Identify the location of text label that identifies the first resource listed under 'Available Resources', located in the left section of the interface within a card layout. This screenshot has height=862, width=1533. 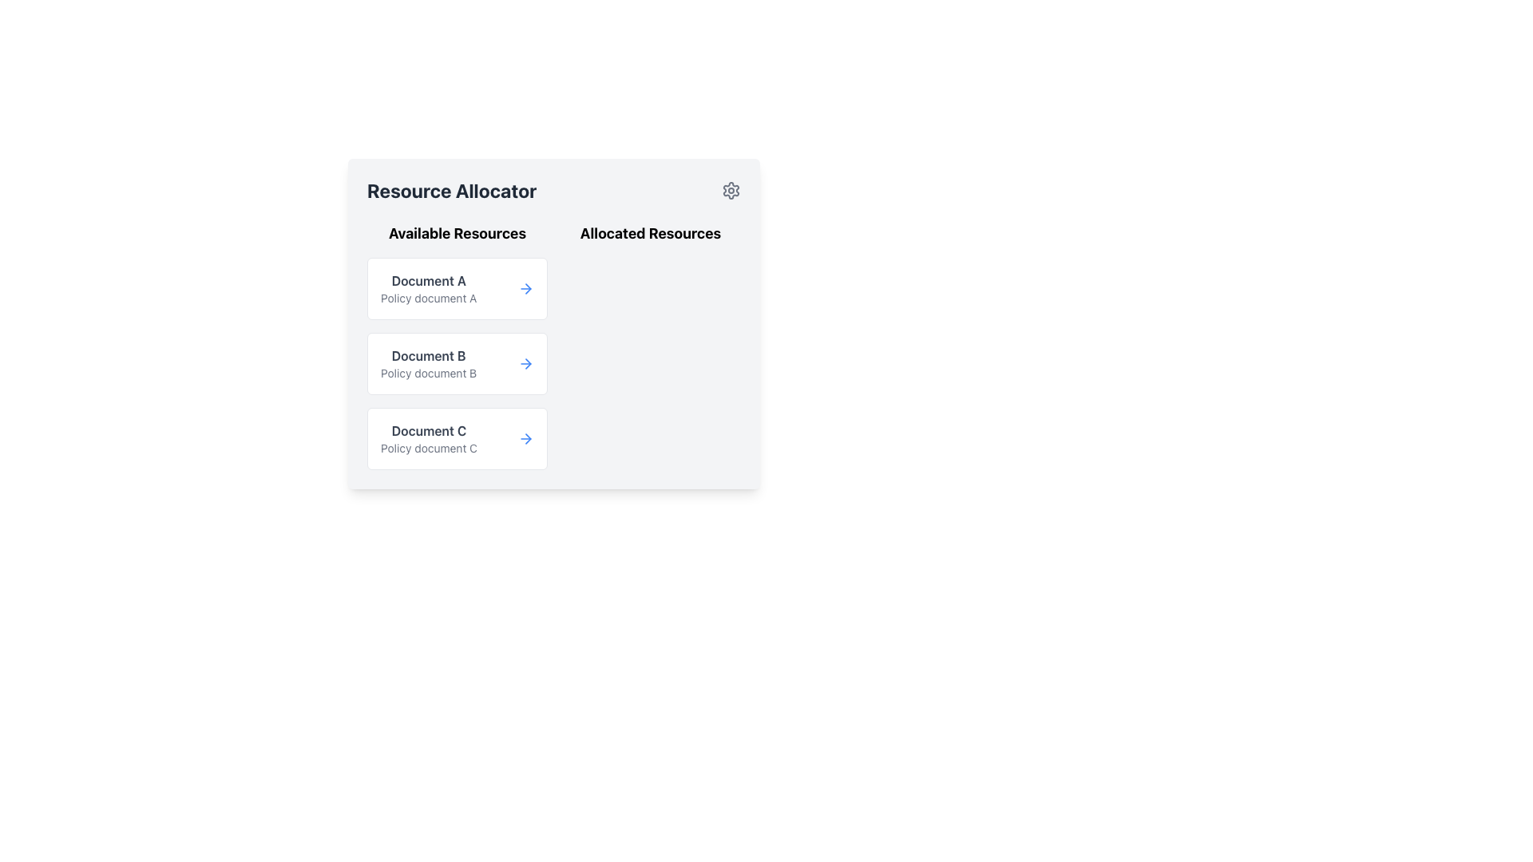
(429, 279).